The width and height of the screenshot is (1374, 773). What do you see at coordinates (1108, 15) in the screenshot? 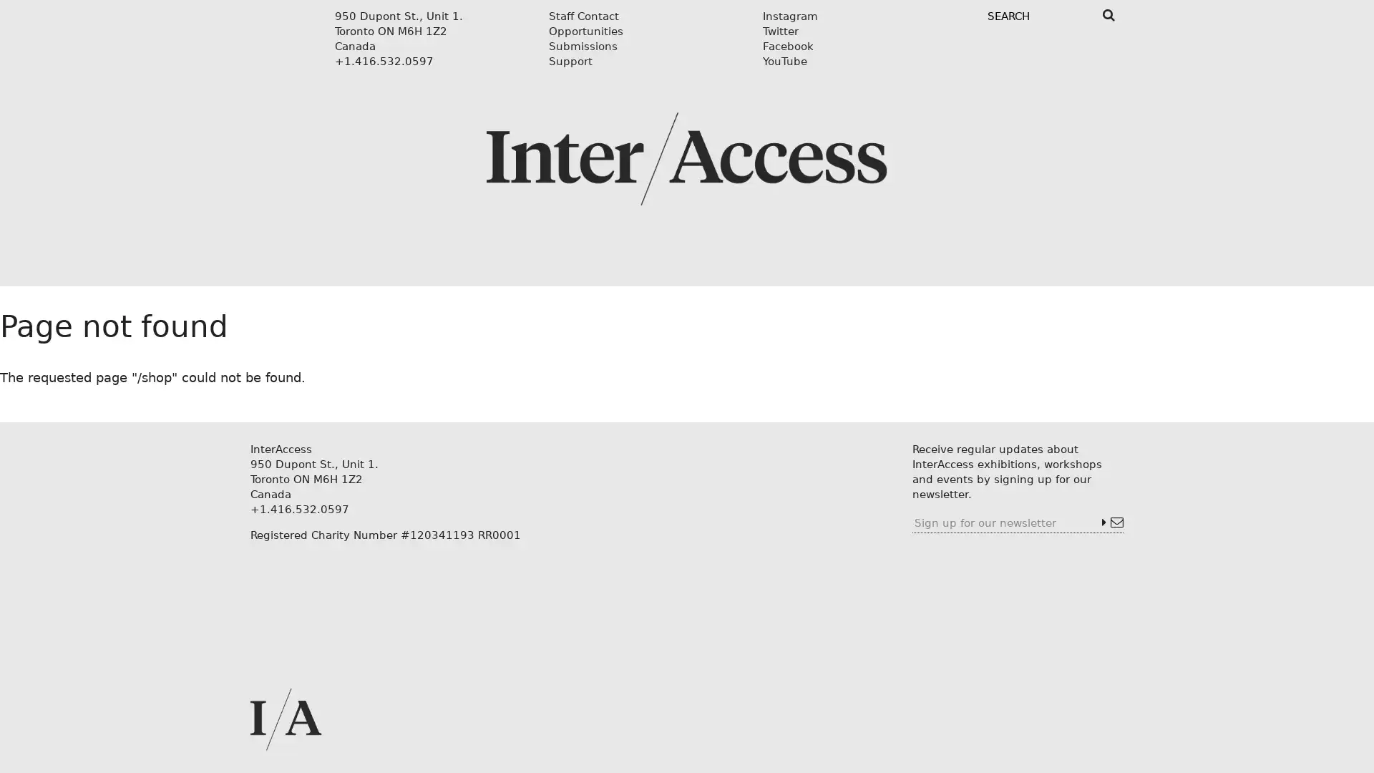
I see `Search` at bounding box center [1108, 15].